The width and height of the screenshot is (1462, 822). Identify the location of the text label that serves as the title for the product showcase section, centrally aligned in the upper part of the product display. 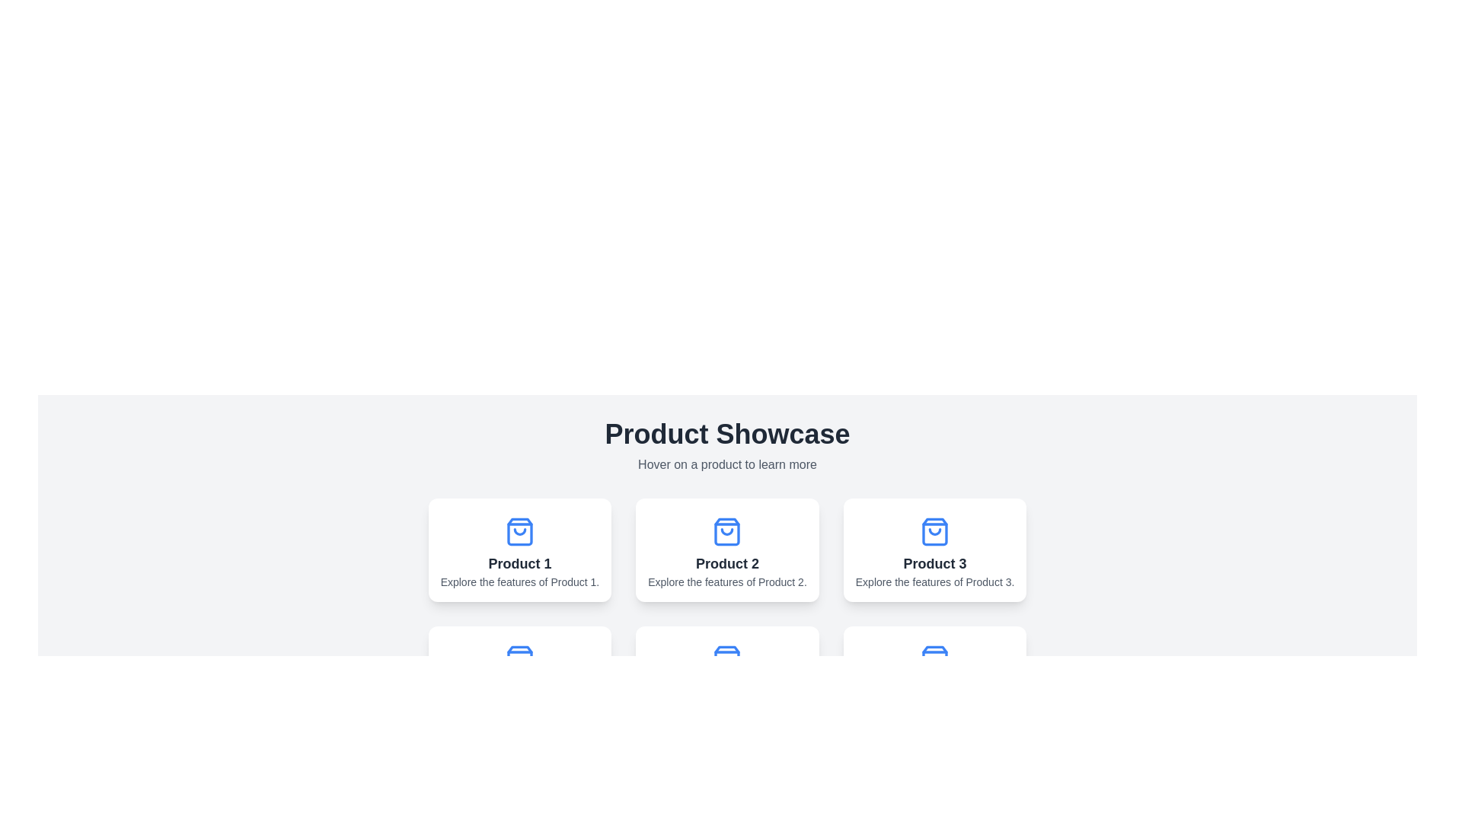
(726, 434).